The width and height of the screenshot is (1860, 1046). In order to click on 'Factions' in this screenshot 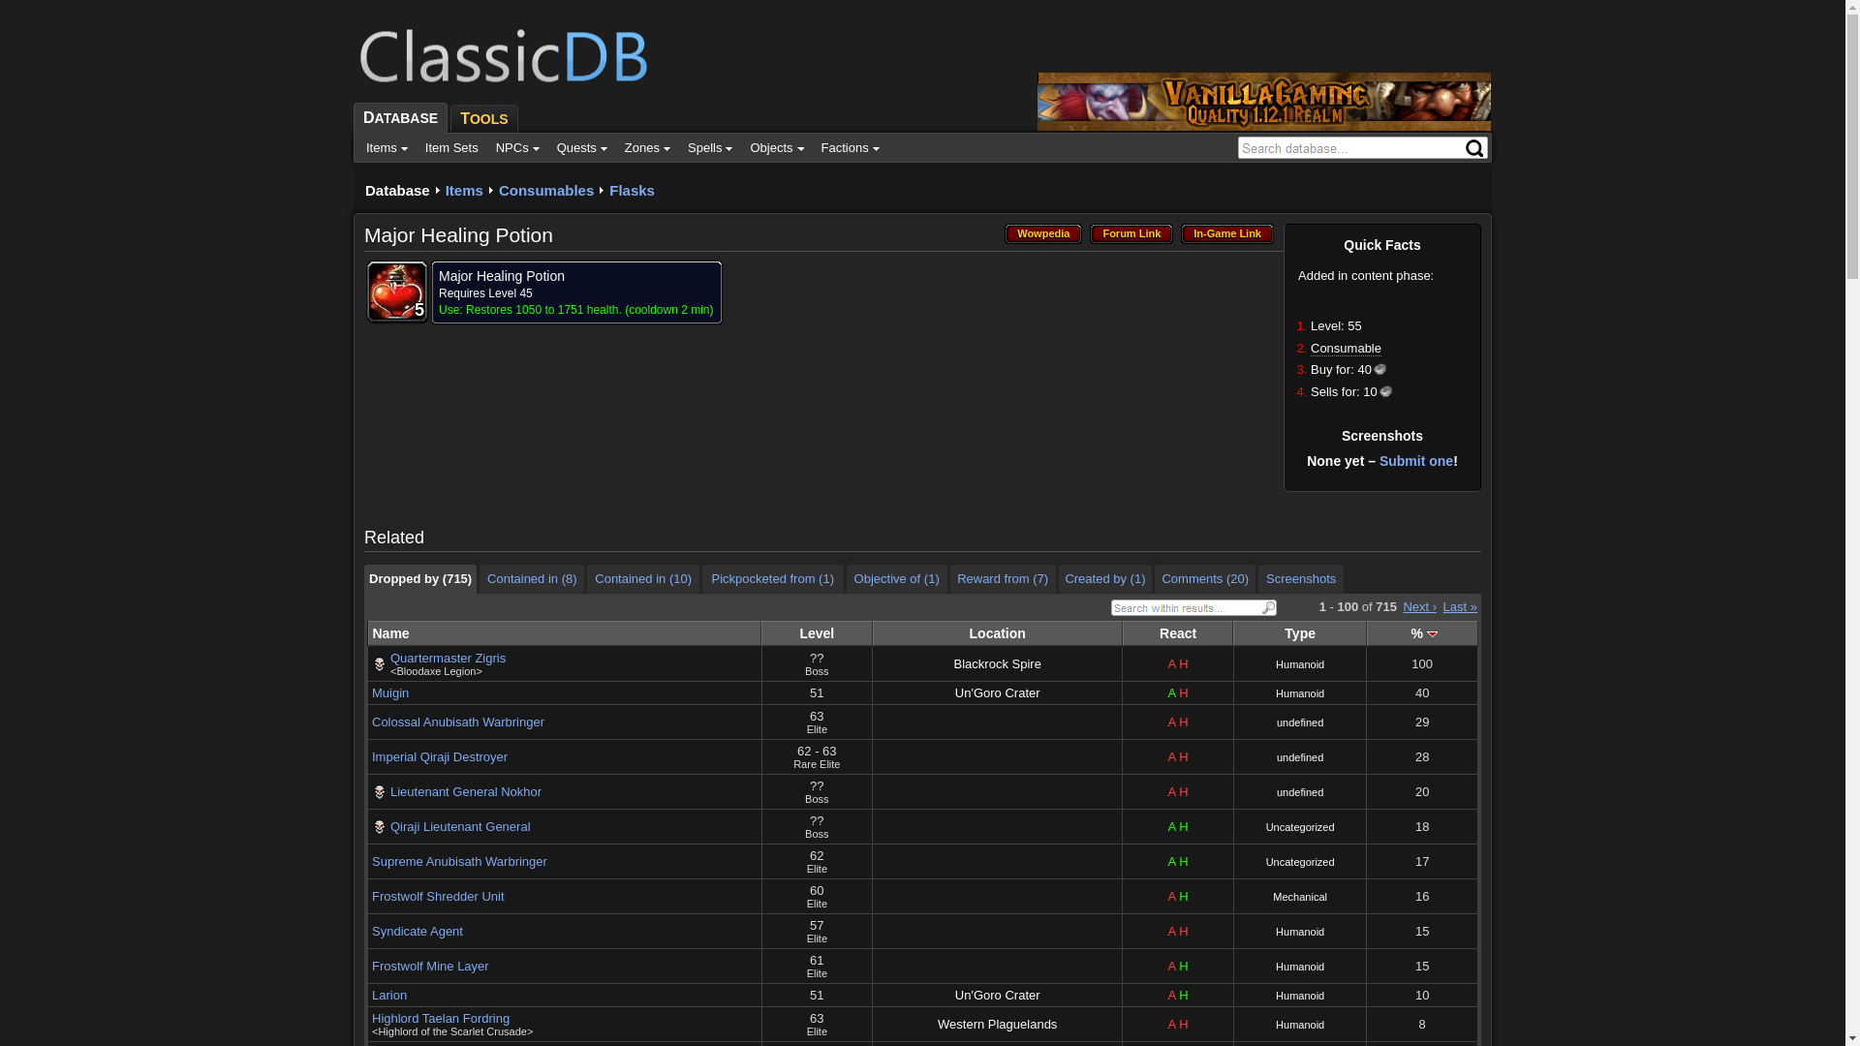, I will do `click(850, 146)`.